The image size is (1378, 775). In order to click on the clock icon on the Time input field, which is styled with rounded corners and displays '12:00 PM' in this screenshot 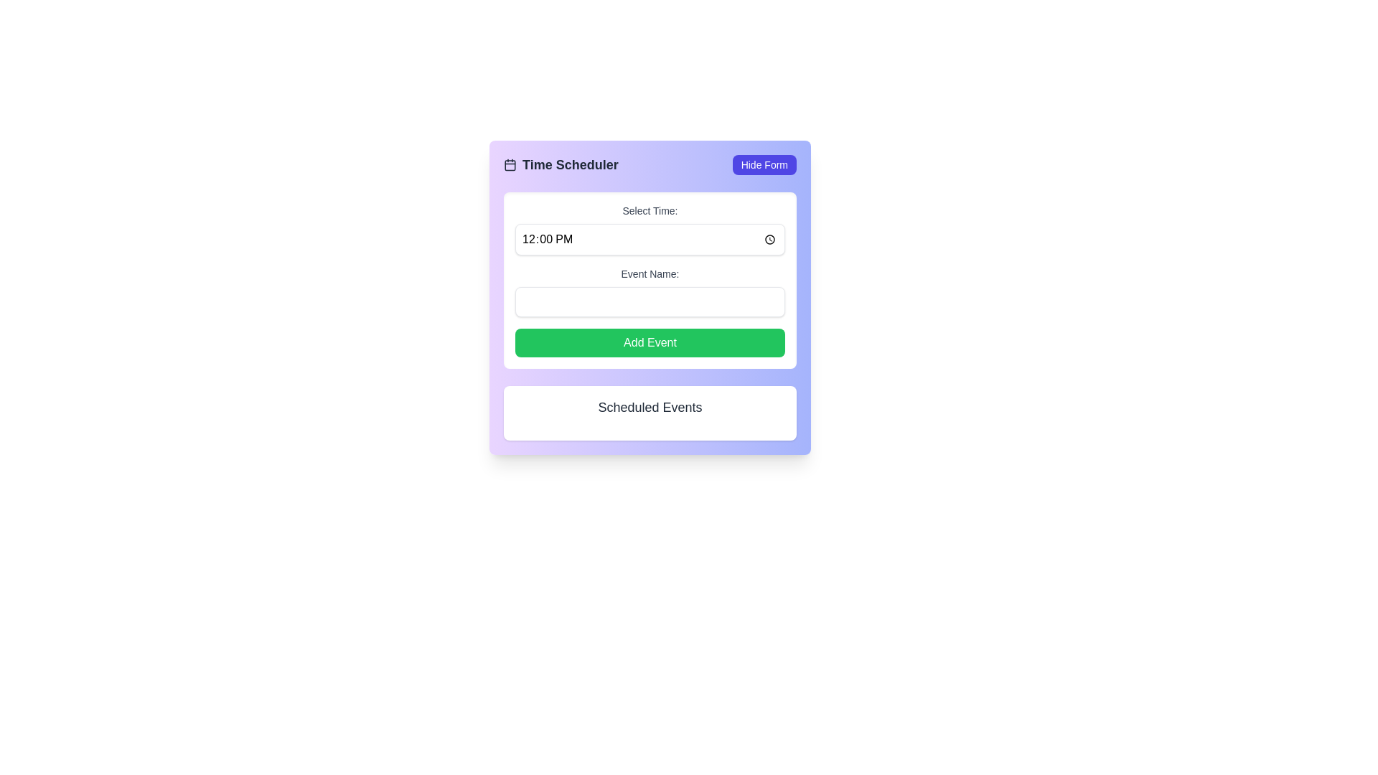, I will do `click(650, 239)`.